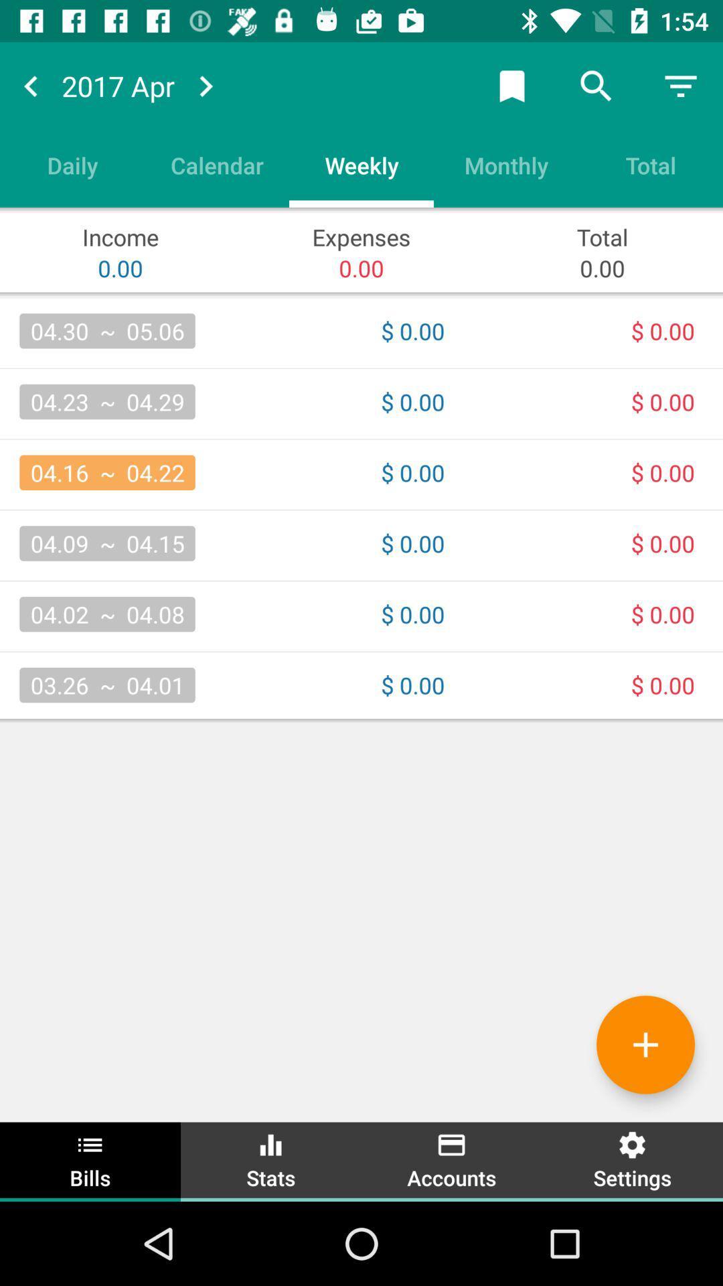 The width and height of the screenshot is (723, 1286). Describe the element at coordinates (681, 85) in the screenshot. I see `the filter_list icon` at that location.